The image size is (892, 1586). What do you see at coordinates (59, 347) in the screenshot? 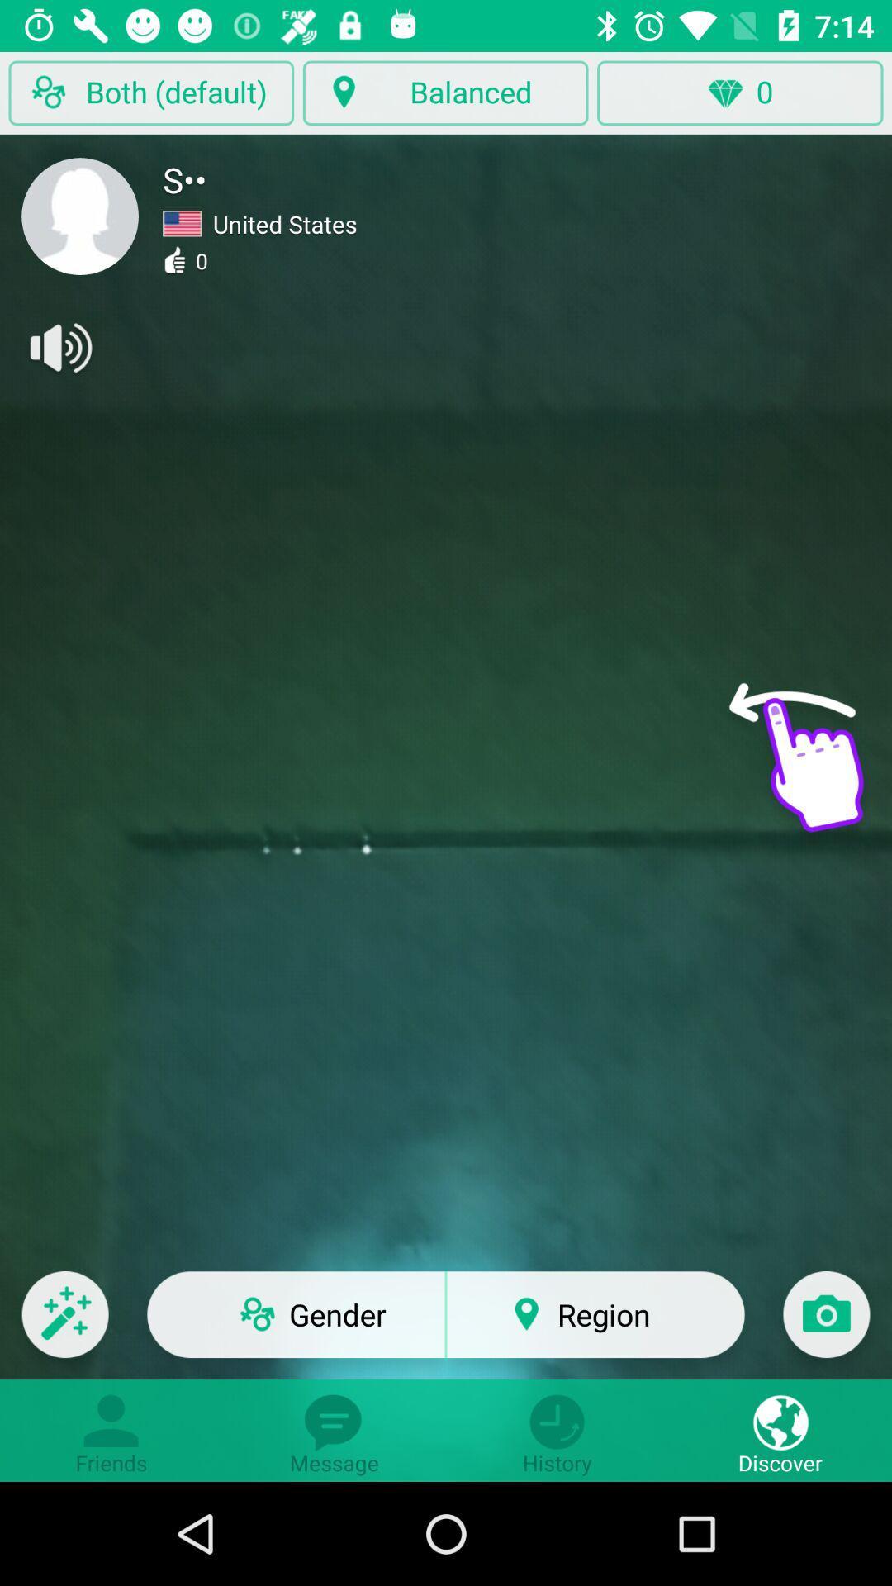
I see `the volume icon` at bounding box center [59, 347].